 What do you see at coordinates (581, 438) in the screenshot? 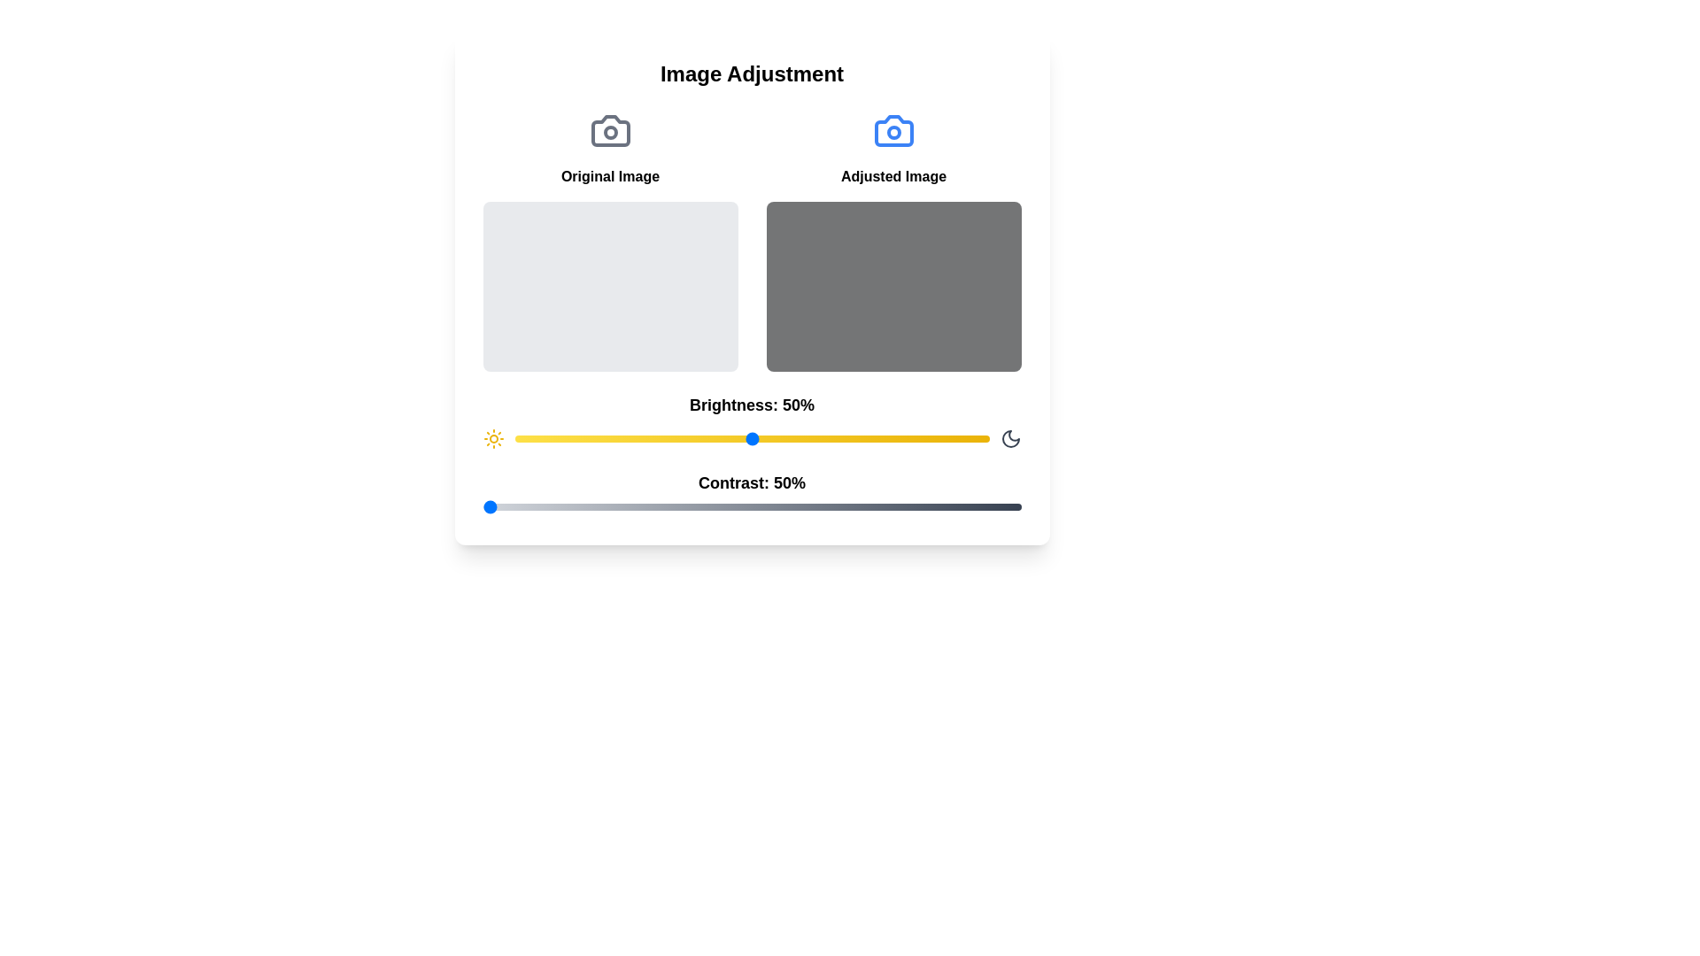
I see `brightness` at bounding box center [581, 438].